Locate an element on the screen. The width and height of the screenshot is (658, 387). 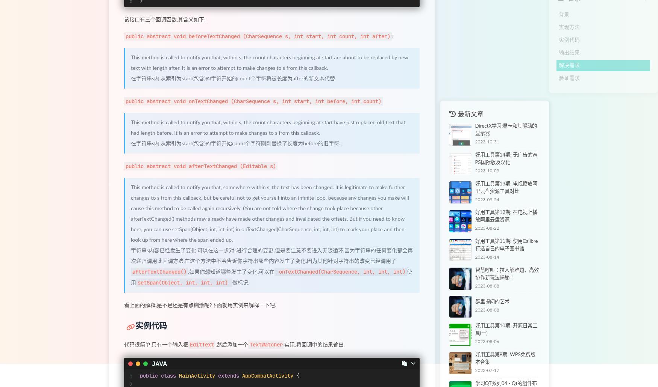
':' is located at coordinates (392, 37).